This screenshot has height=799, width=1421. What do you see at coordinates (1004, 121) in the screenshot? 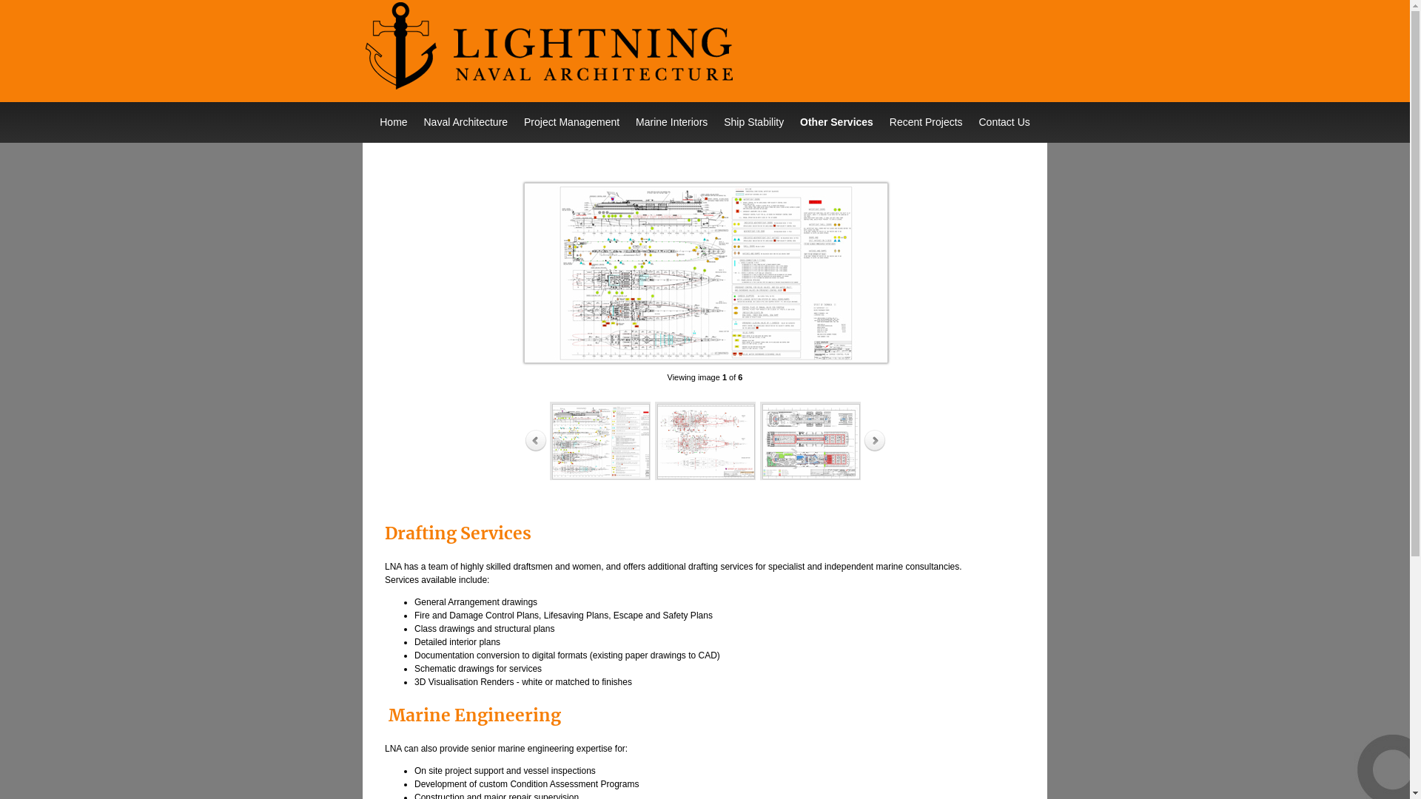
I see `'Contact Us'` at bounding box center [1004, 121].